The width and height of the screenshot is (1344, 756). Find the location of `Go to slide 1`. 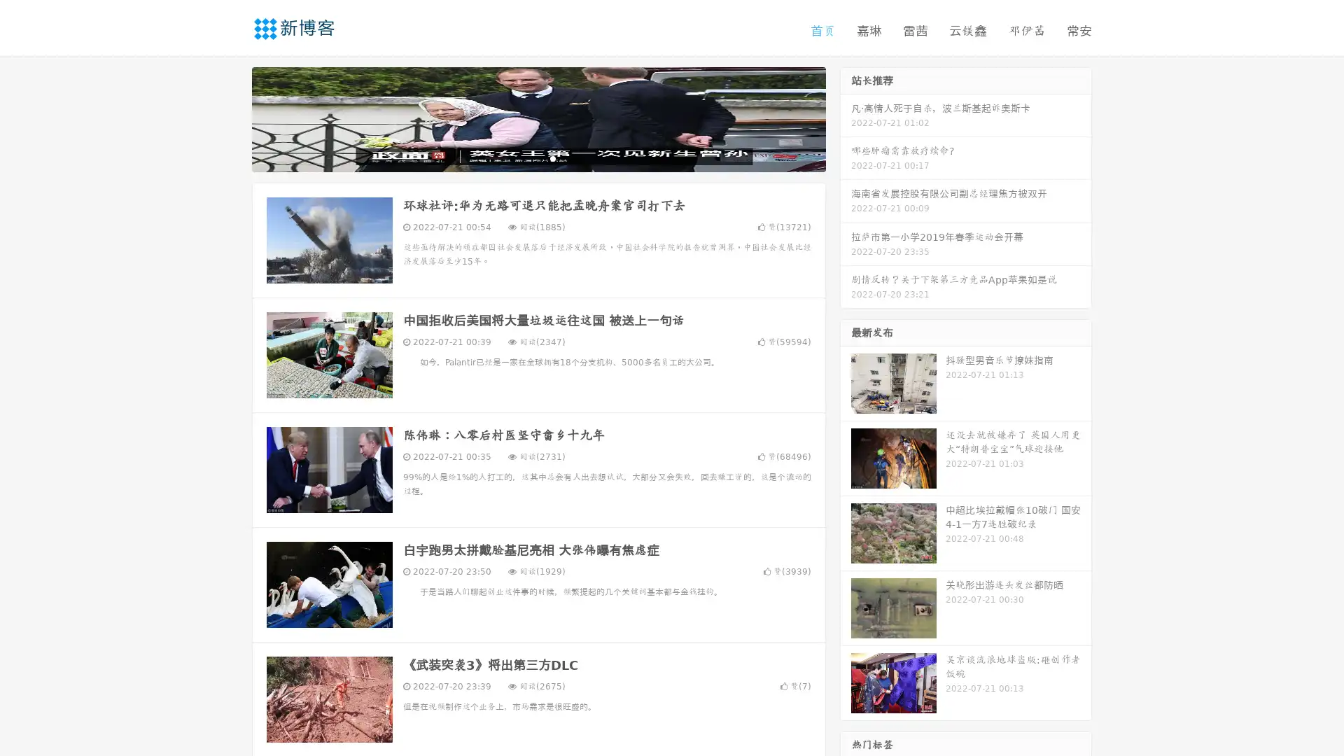

Go to slide 1 is located at coordinates (524, 157).